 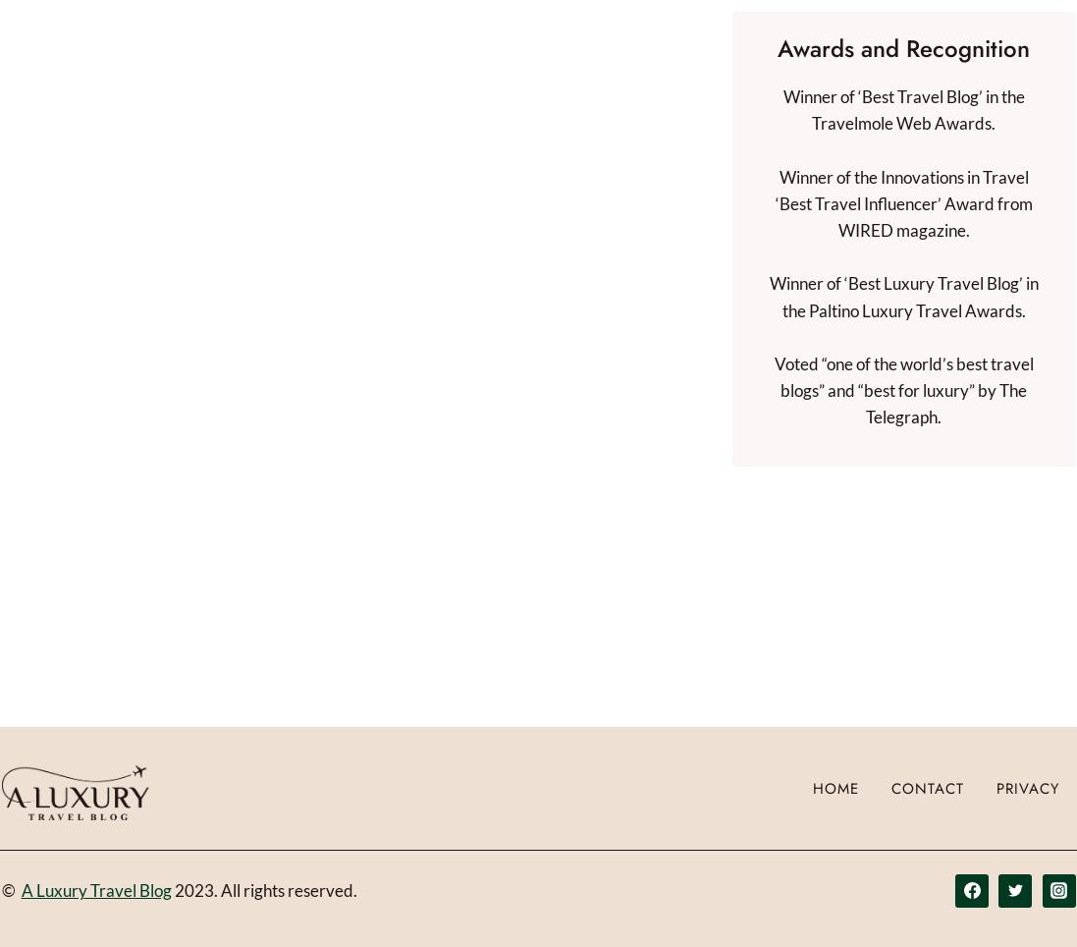 What do you see at coordinates (262, 888) in the screenshot?
I see `'2023. All rights reserved.'` at bounding box center [262, 888].